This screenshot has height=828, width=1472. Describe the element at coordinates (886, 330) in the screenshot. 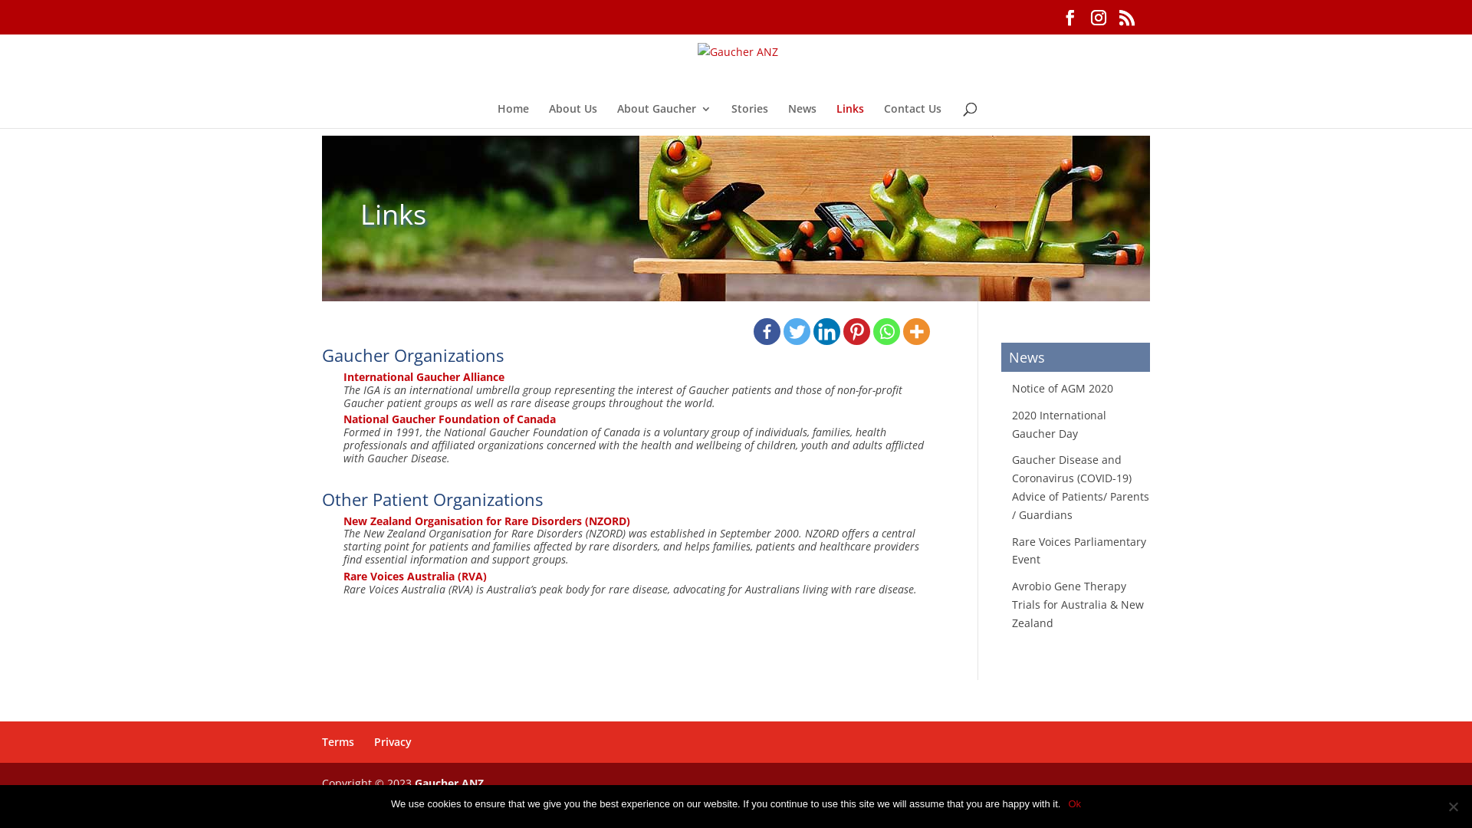

I see `'Whatsapp'` at that location.